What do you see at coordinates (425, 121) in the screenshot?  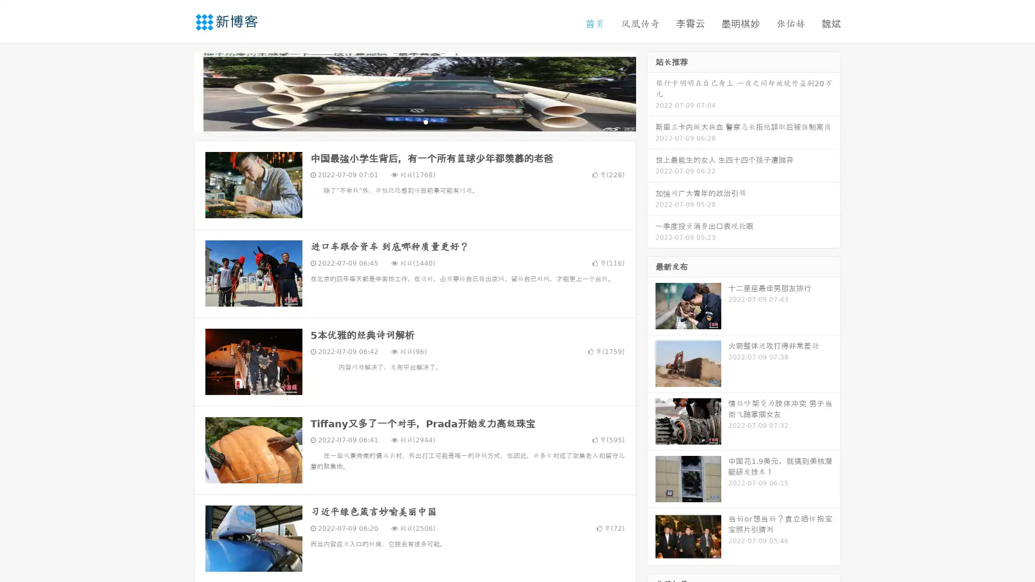 I see `Go to slide 3` at bounding box center [425, 121].